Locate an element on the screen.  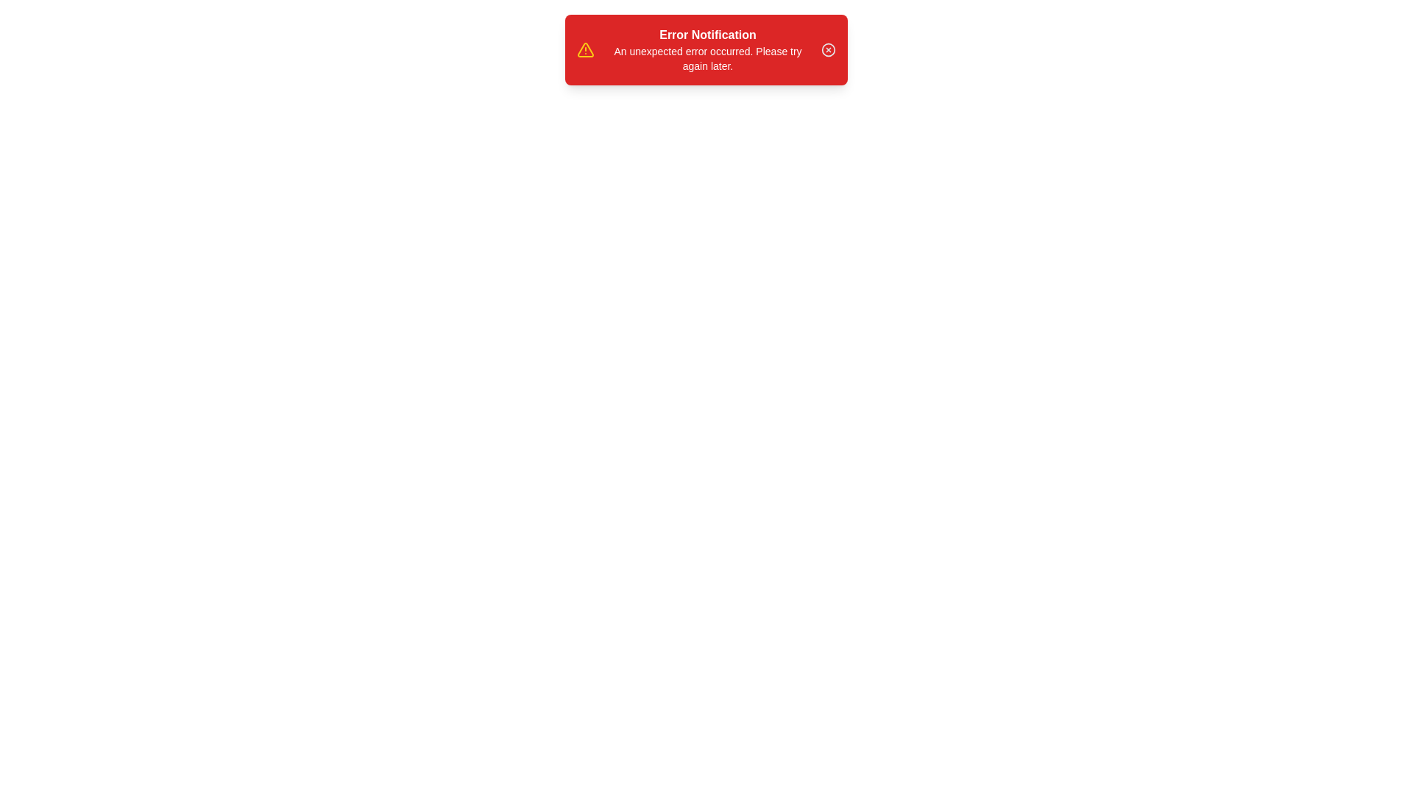
the close button of the snackbar to close it is located at coordinates (829, 49).